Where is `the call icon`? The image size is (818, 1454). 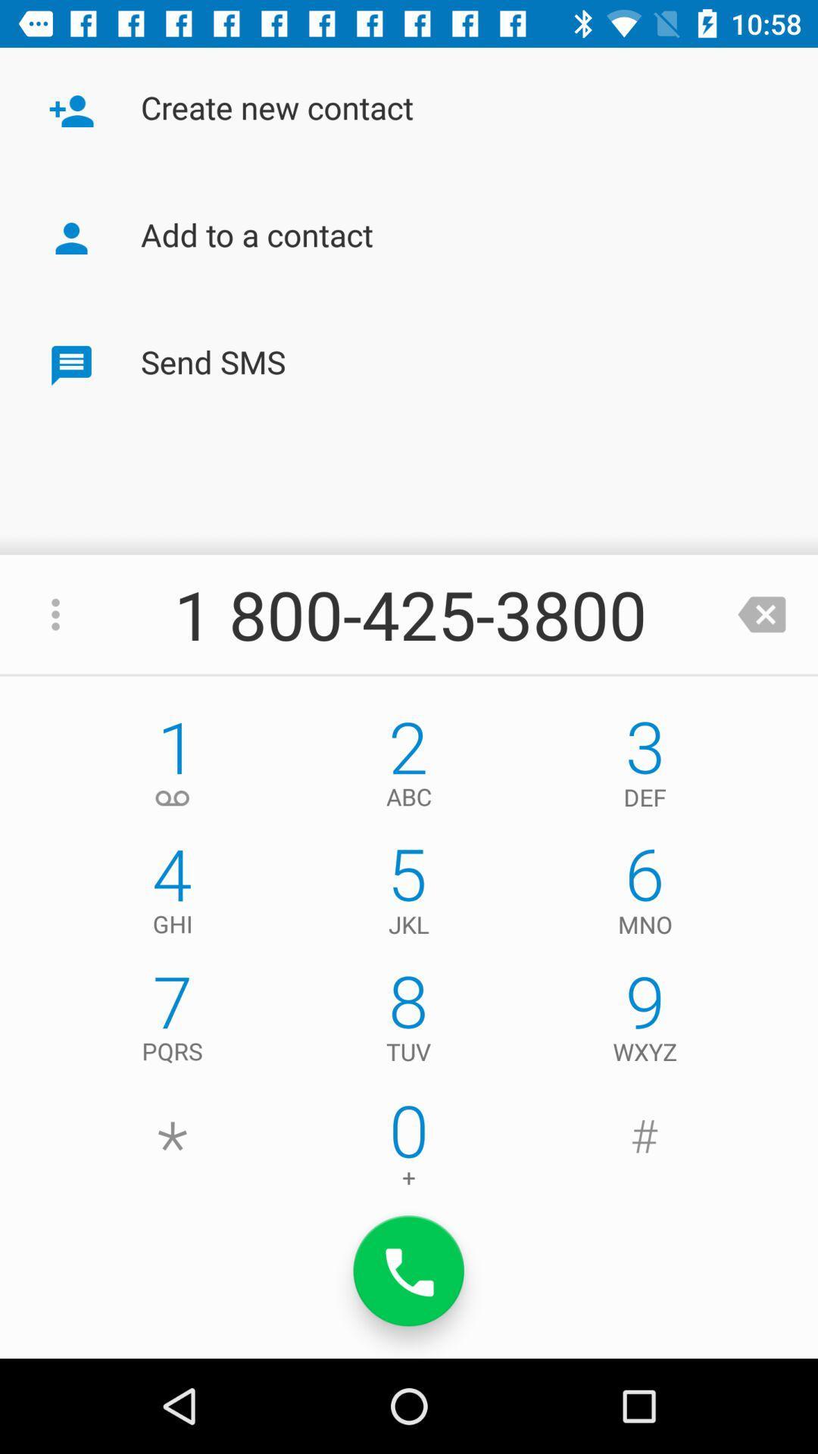 the call icon is located at coordinates (409, 1271).